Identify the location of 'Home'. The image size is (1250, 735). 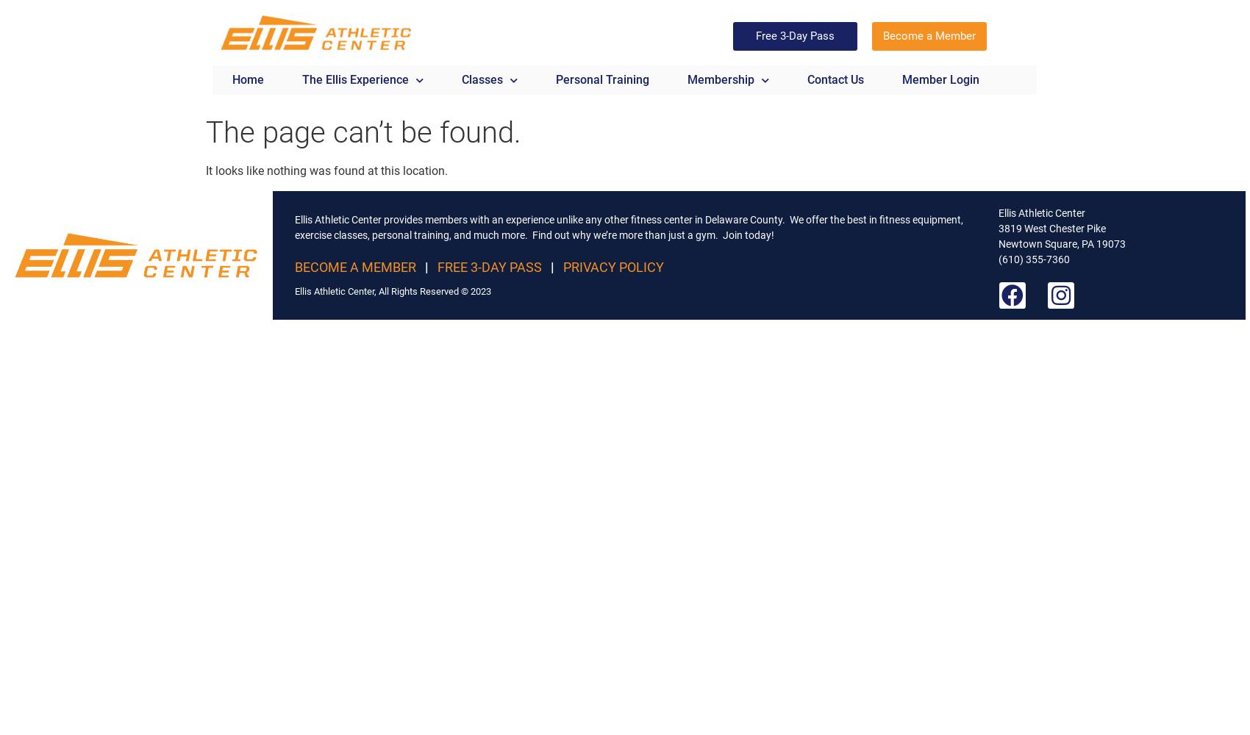
(247, 79).